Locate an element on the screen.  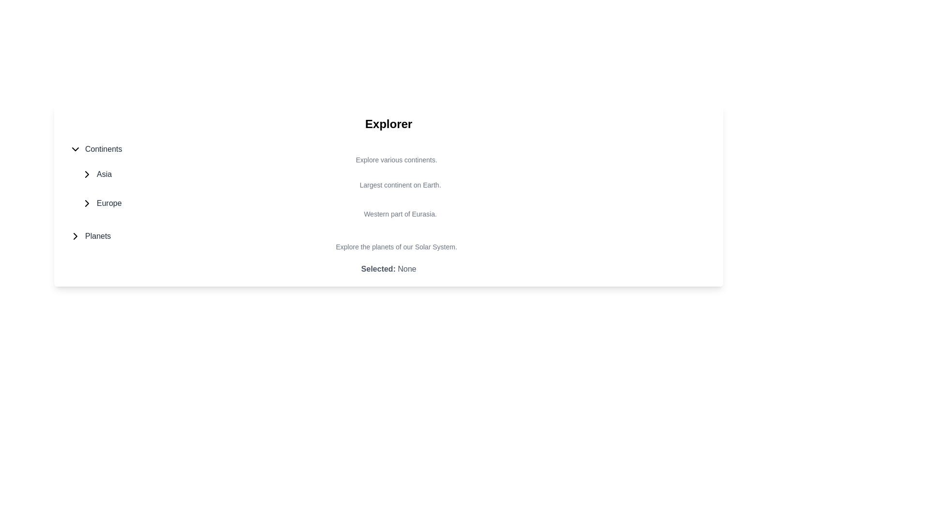
the static text element that displays 'Explore various continents.' which is positioned below the title 'Continents' in a list-style layout is located at coordinates (389, 159).